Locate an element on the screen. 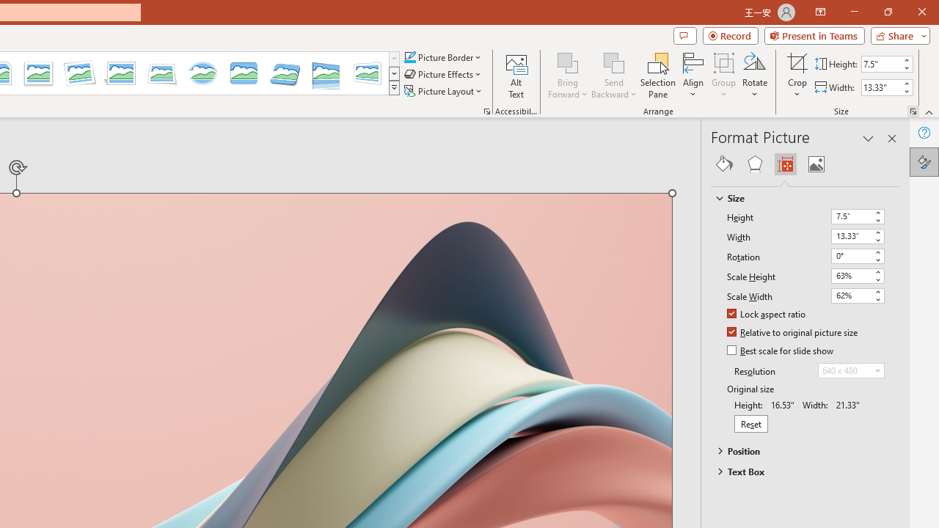 The image size is (939, 528). 'Crop' is located at coordinates (797, 62).